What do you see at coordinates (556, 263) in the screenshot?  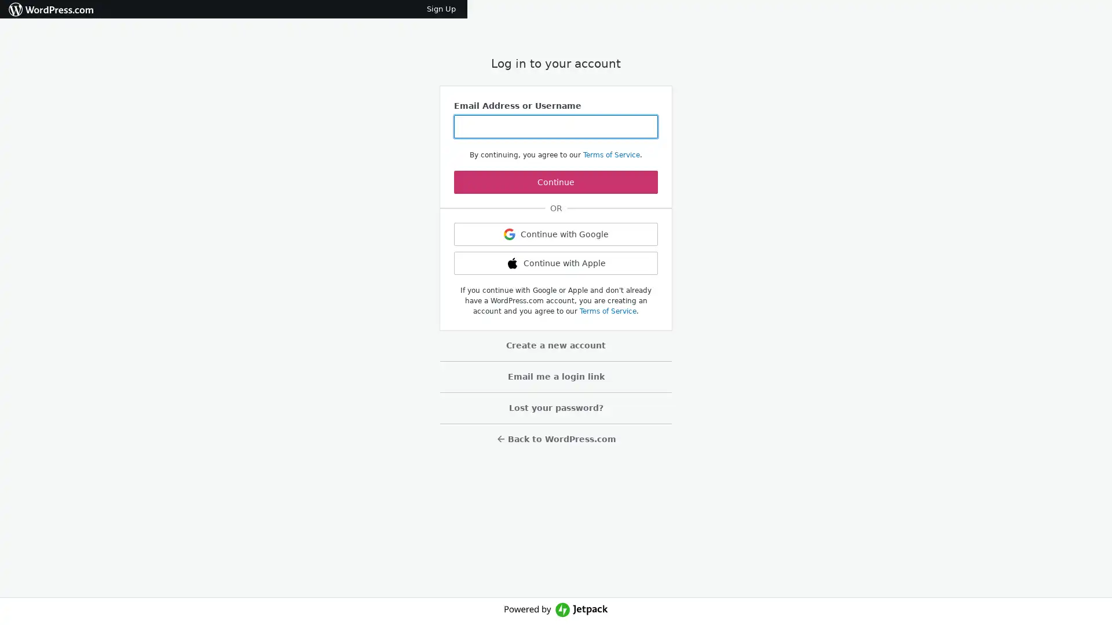 I see `Continue with Apple` at bounding box center [556, 263].